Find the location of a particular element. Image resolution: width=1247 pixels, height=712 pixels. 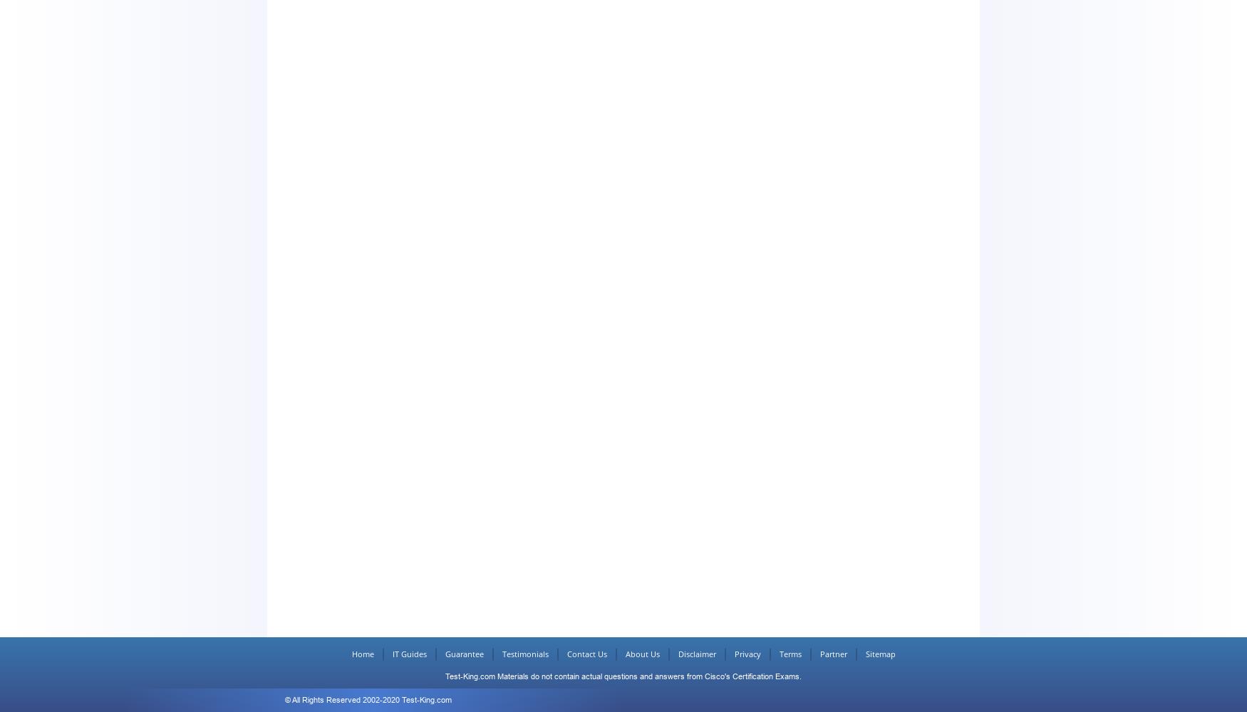

'IT Guides' is located at coordinates (391, 654).